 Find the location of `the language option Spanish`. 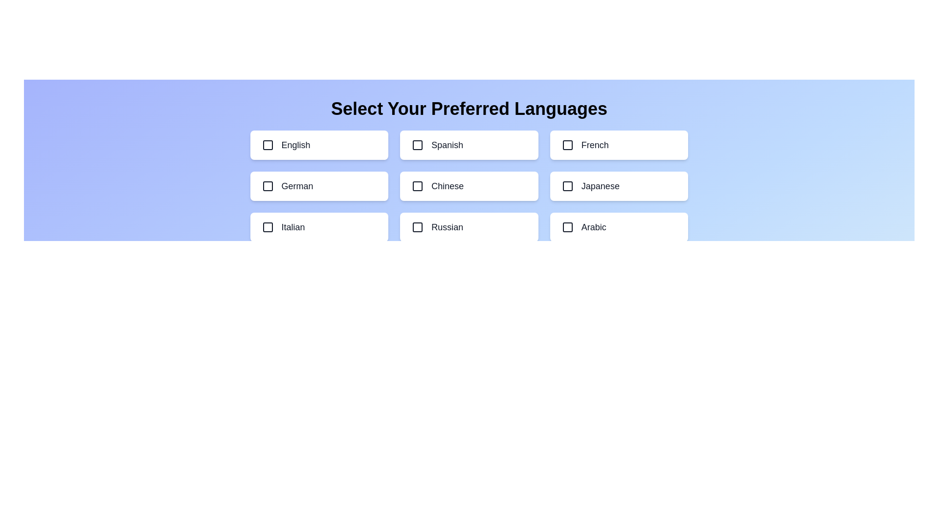

the language option Spanish is located at coordinates (469, 145).